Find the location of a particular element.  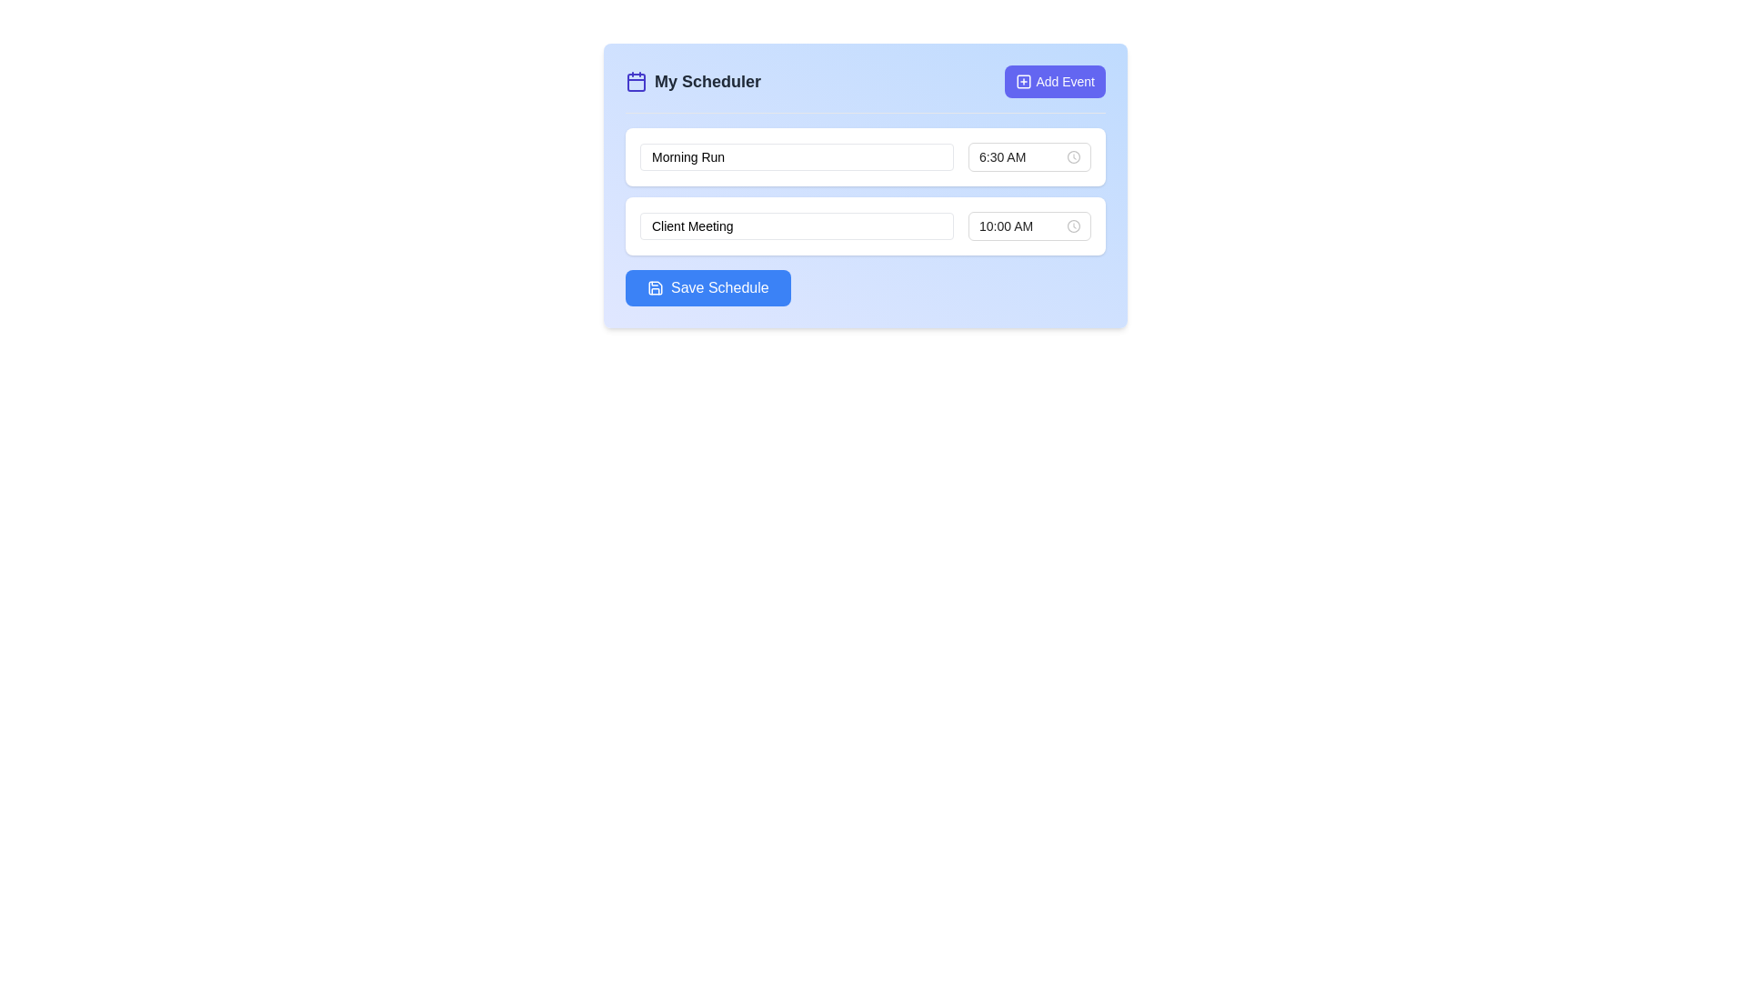

the 'My Scheduler' text label with the calendar icon, located at the top-left corner of the scheduling interface, to interact with the header section is located at coordinates (692, 80).